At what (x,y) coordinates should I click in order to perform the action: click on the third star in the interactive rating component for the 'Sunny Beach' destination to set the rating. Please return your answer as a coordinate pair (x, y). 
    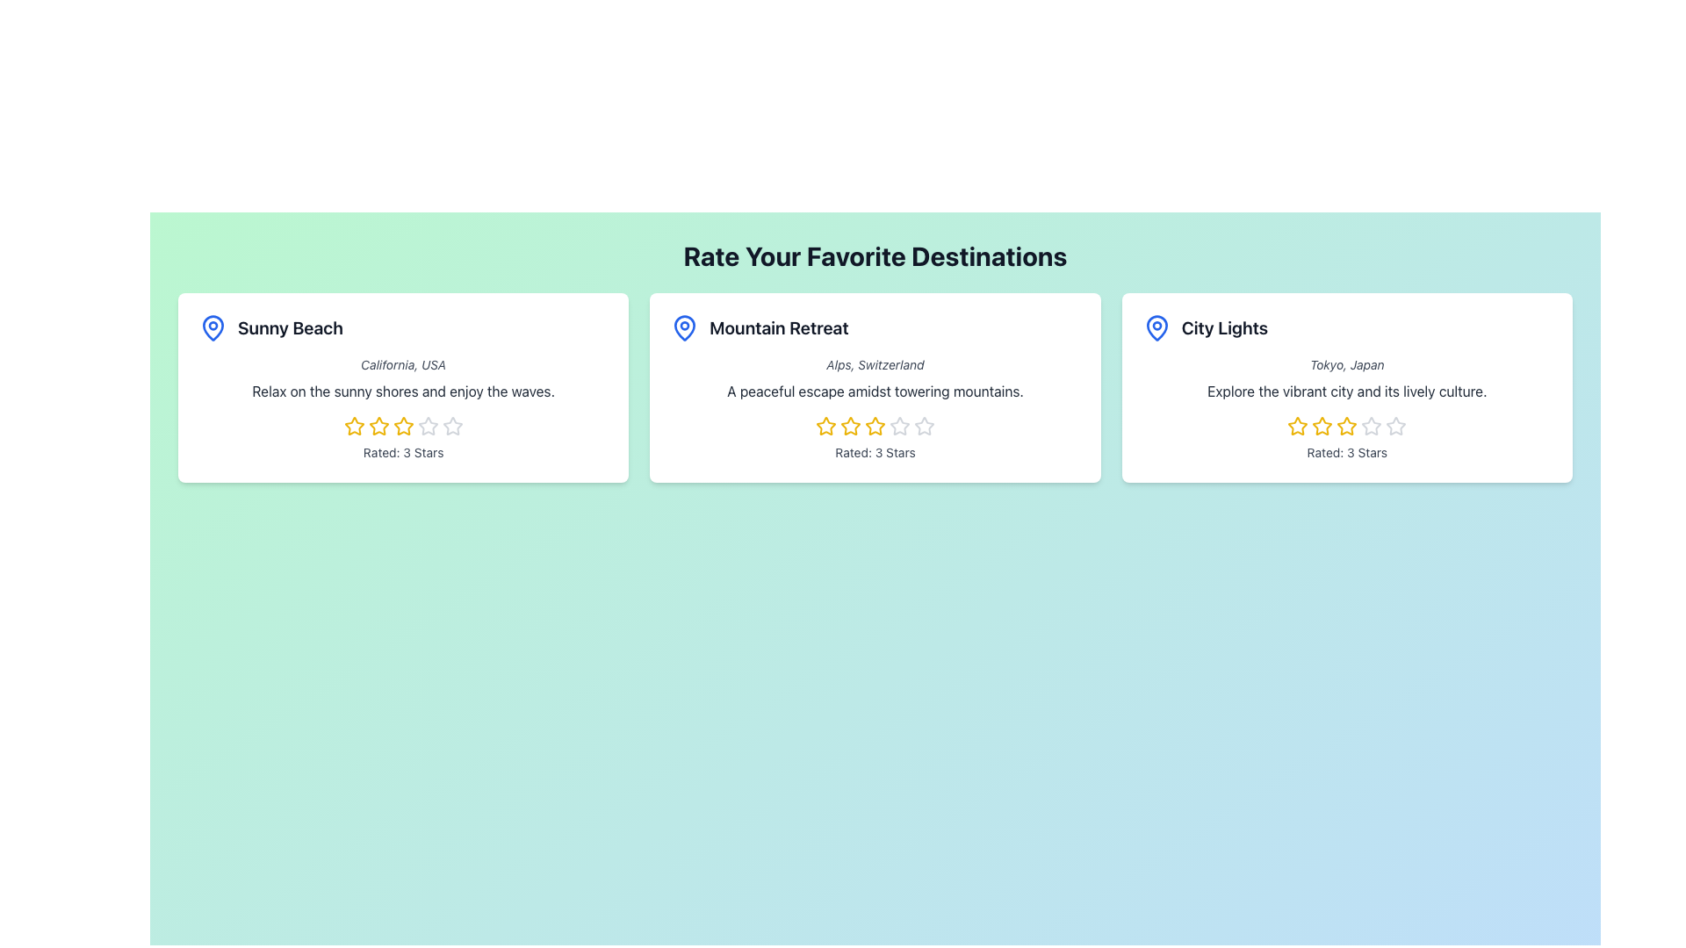
    Looking at the image, I should click on (378, 427).